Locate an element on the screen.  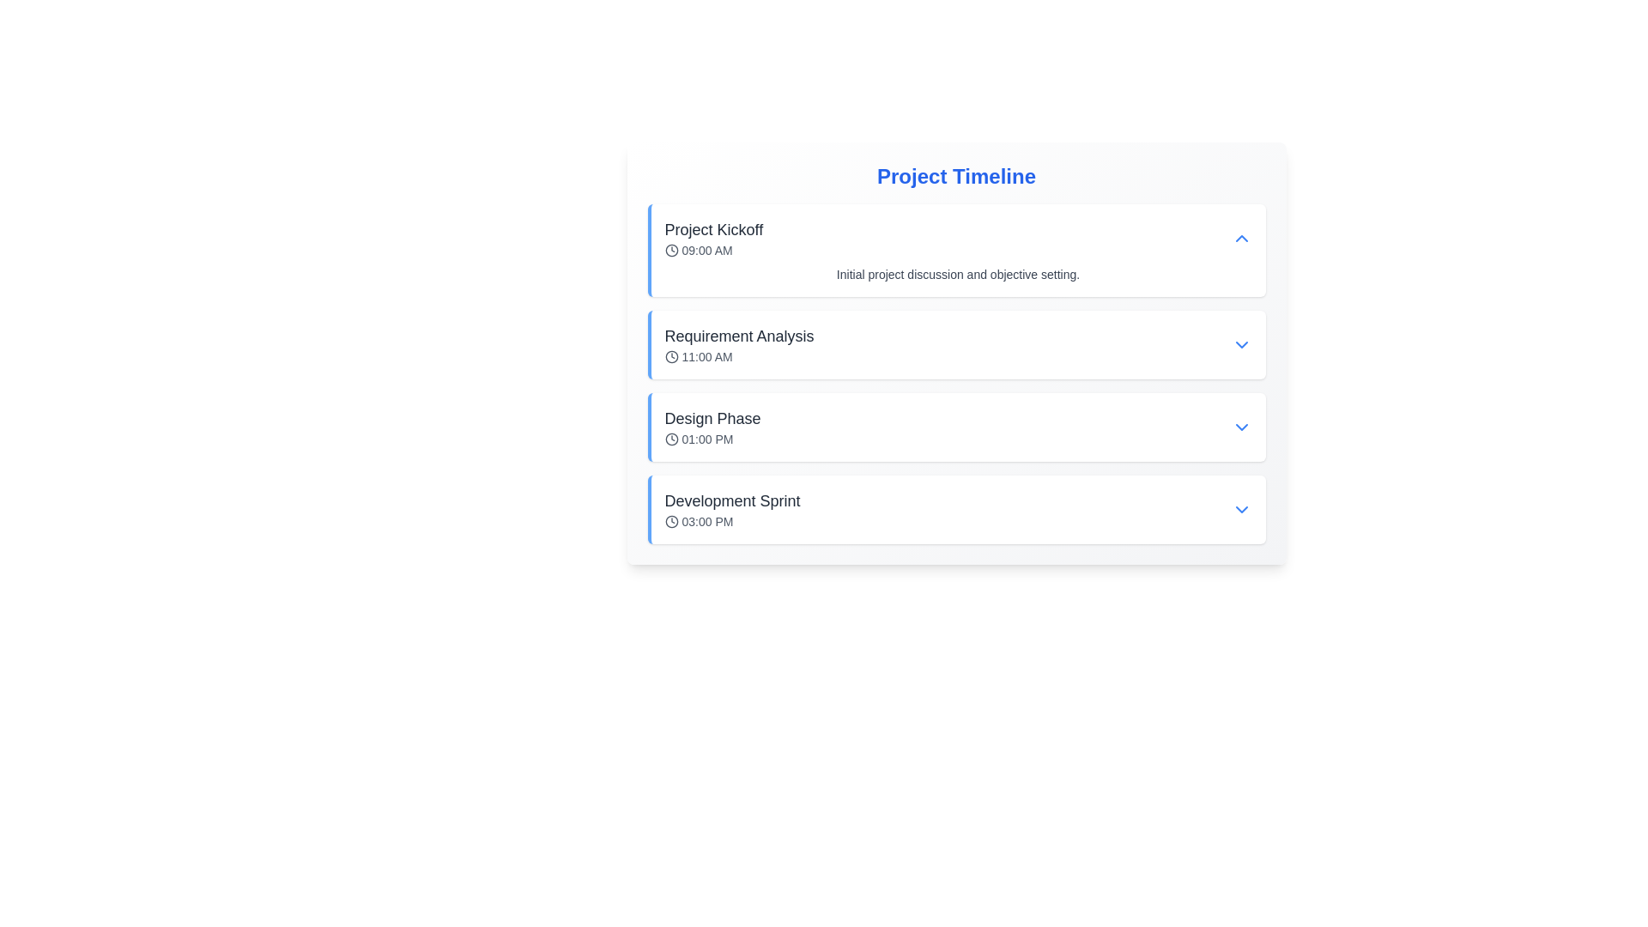
the dropdown arrow on the 'Requirement Analysis' Timeline List Item is located at coordinates (955, 344).